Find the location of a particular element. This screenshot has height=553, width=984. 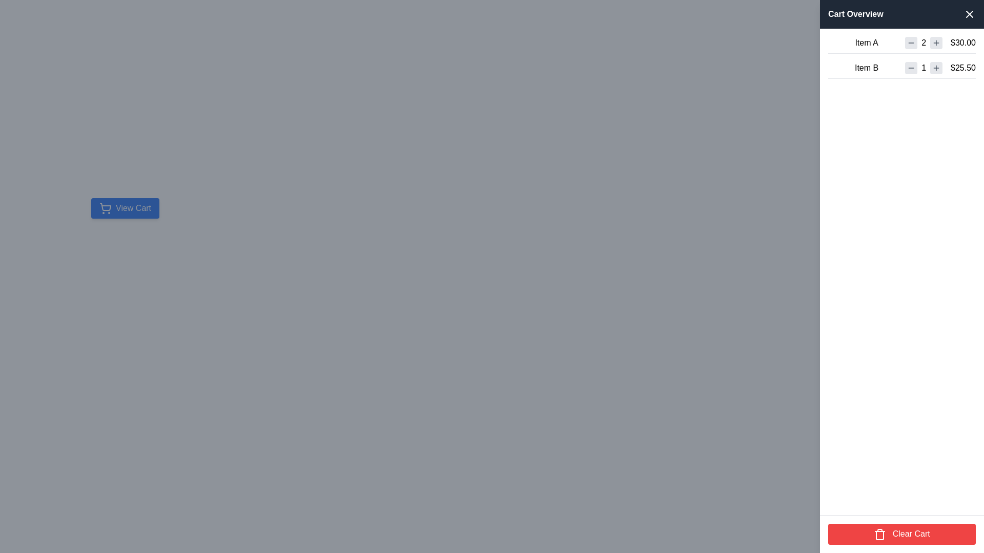

the shopping cart icon located on the left side of the 'View Cart' button to interact with it is located at coordinates (106, 207).